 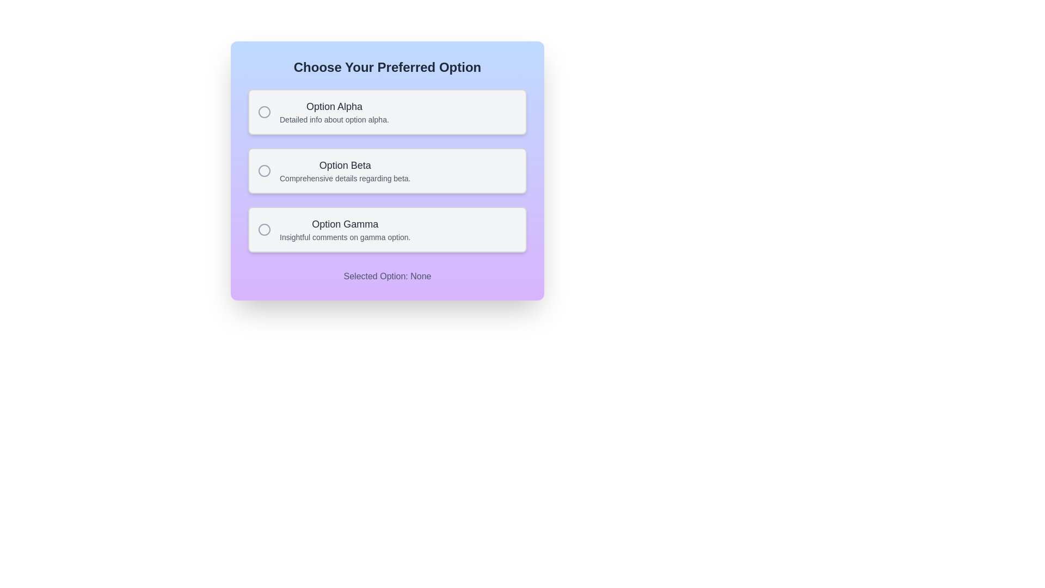 I want to click on text content displayed in the third option card labeled 'Option Gamma' within a vertically stacked list, so click(x=345, y=229).